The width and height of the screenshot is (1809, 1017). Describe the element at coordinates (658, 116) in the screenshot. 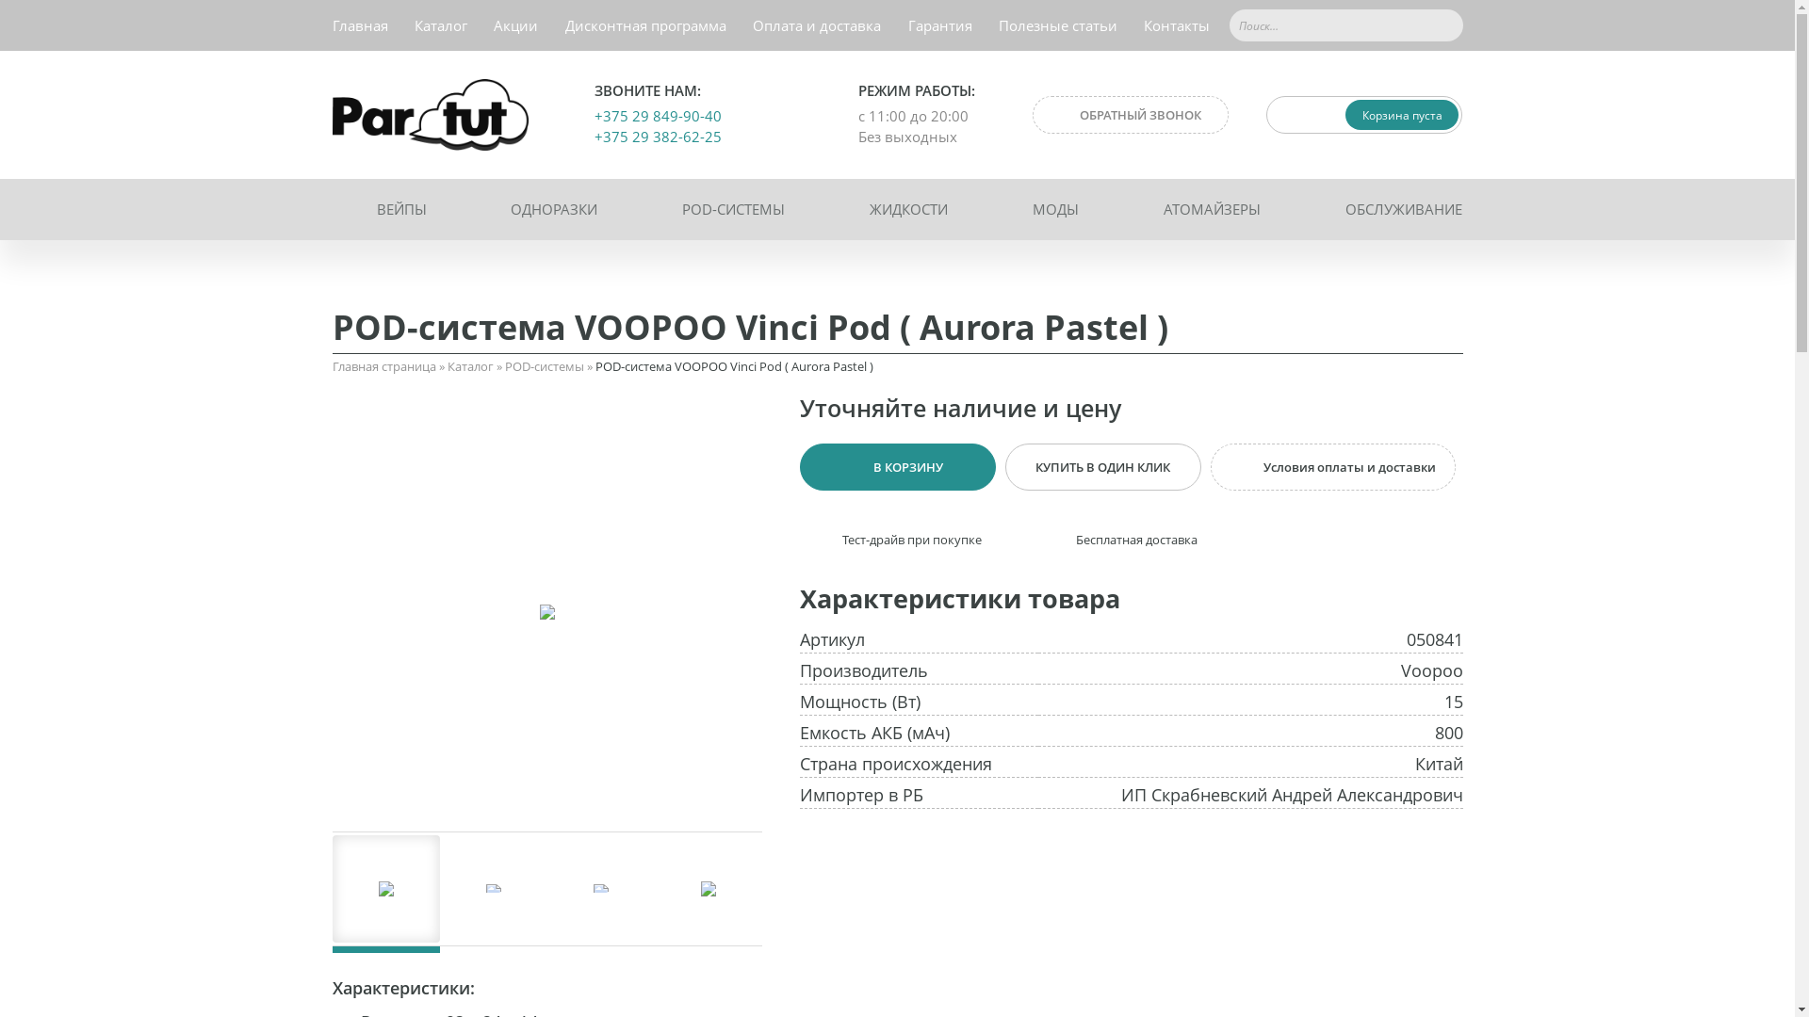

I see `'+375 29 849-90-40'` at that location.